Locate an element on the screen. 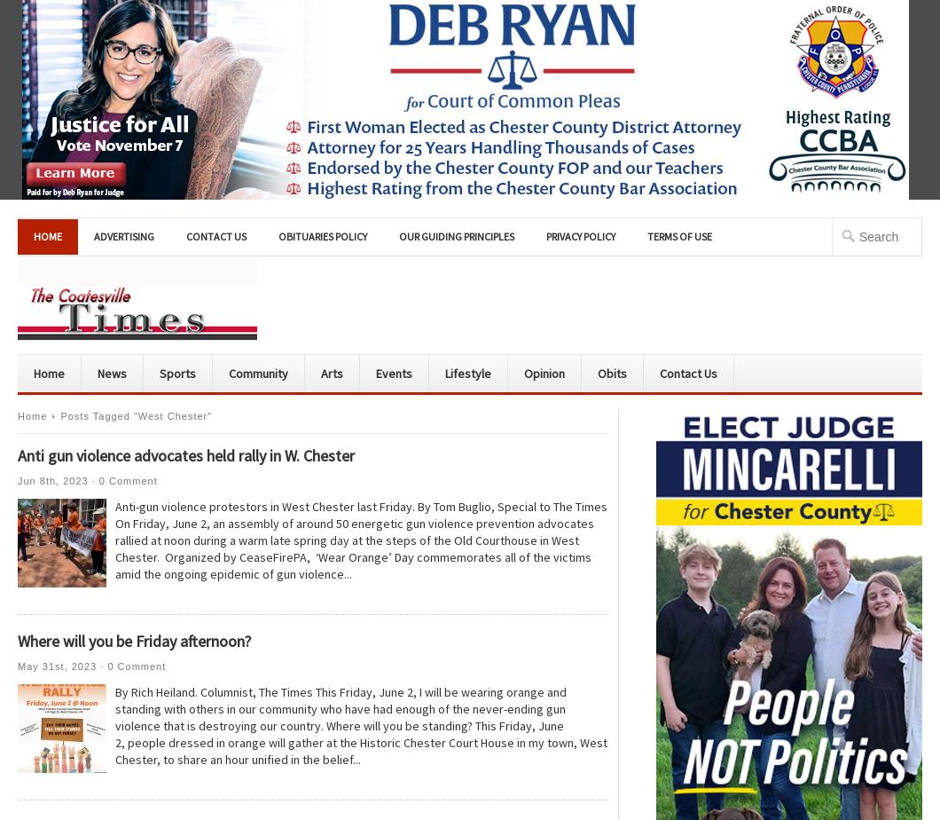 This screenshot has height=820, width=940. 'Opinion' is located at coordinates (544, 373).